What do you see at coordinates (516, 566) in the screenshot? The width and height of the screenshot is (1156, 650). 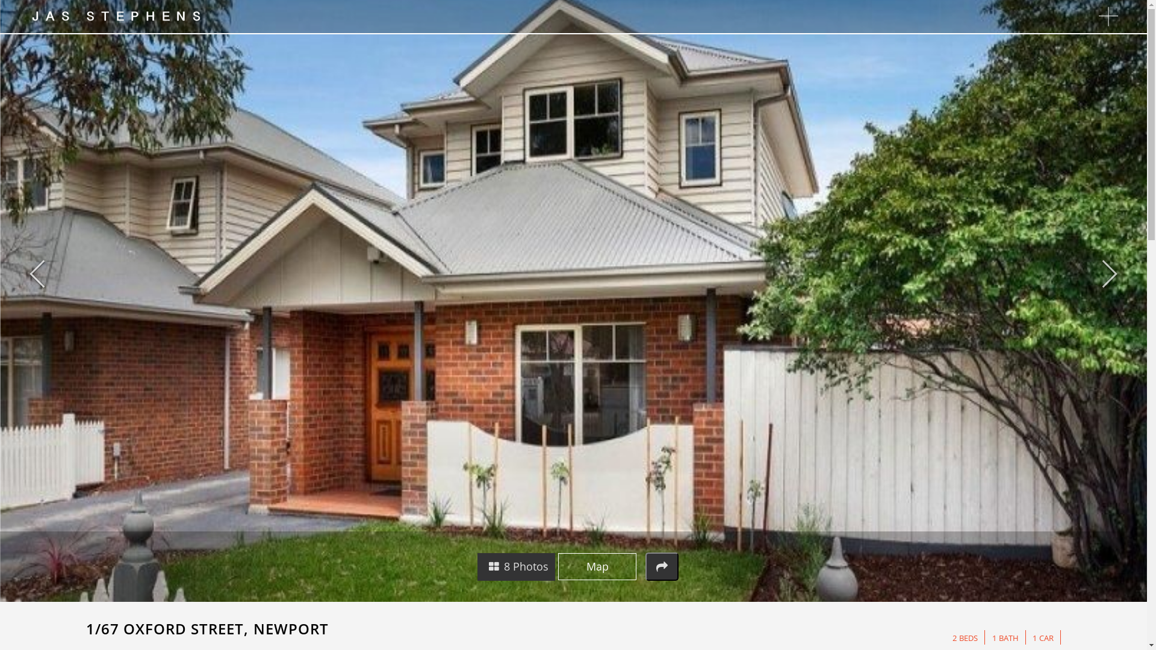 I see `'8 Photos'` at bounding box center [516, 566].